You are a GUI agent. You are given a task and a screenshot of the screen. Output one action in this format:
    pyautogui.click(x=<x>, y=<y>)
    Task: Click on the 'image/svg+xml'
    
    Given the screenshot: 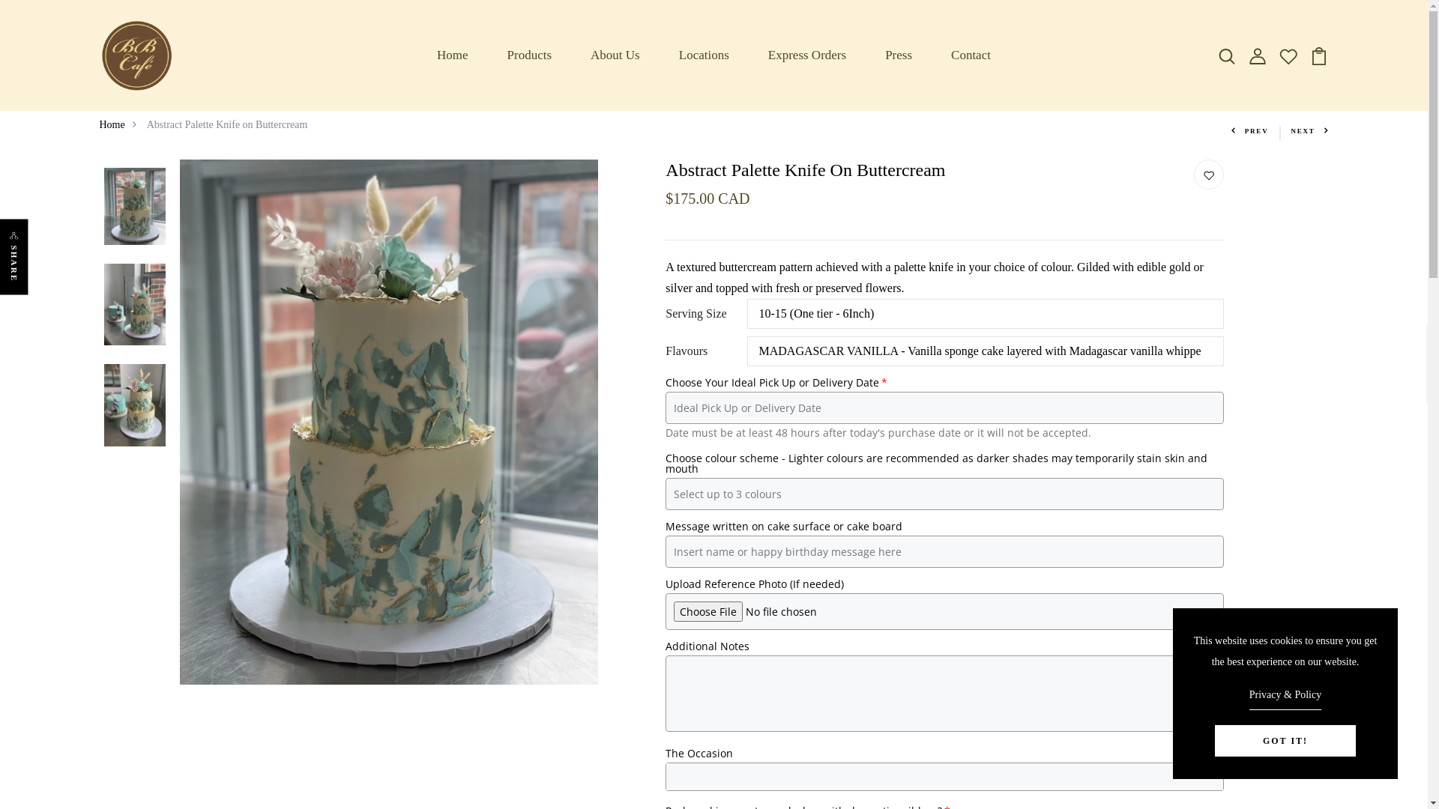 What is the action you would take?
    pyautogui.click(x=1319, y=53)
    